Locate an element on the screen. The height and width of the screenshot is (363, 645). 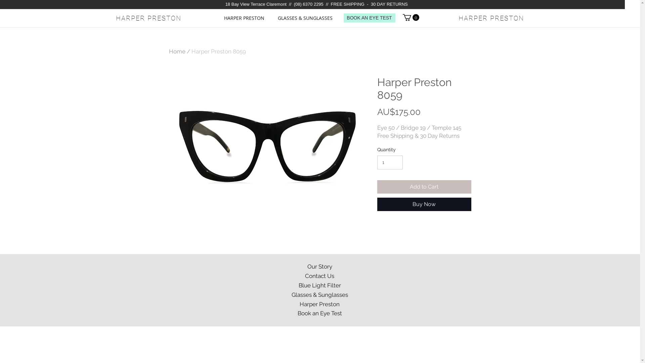
'Contact Us' is located at coordinates (319, 276).